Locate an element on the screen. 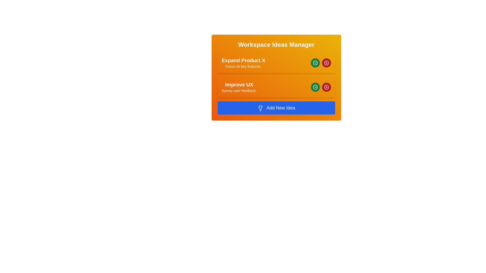 Image resolution: width=486 pixels, height=273 pixels. the lightbulb icon located on the left side of the blue button labeled 'Add New Idea' is located at coordinates (260, 108).